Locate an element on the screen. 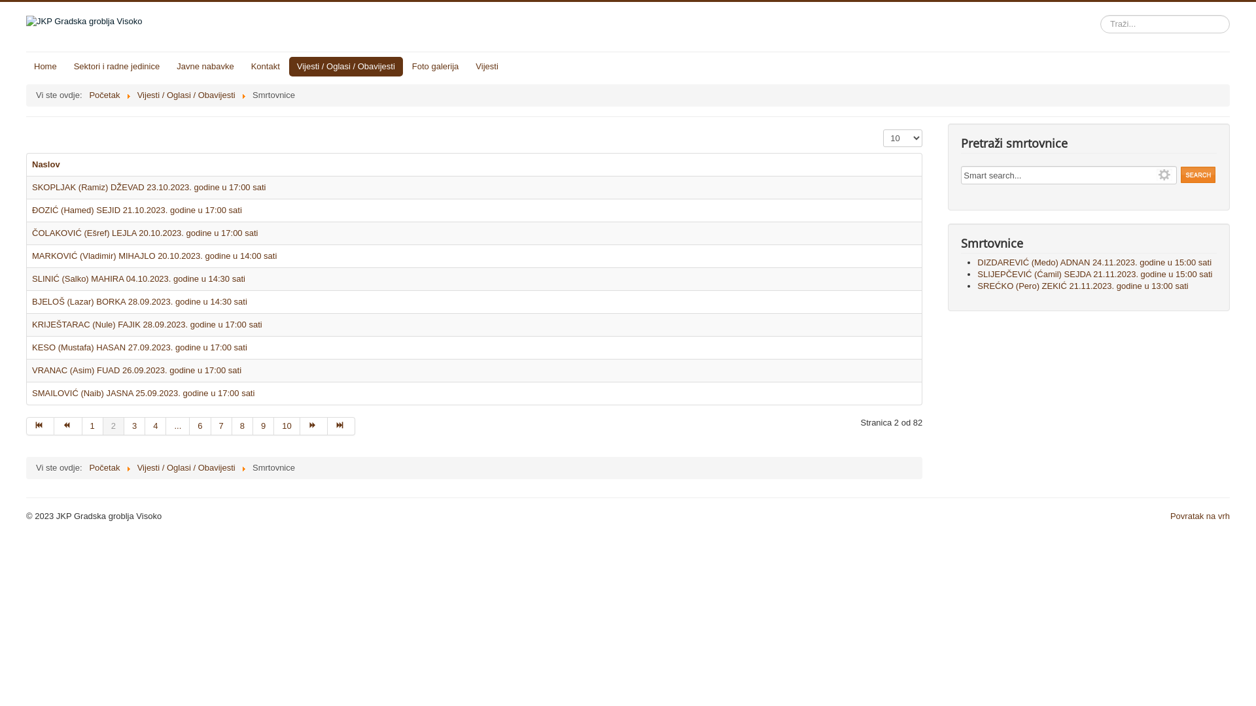  'Kontakt' is located at coordinates (265, 66).